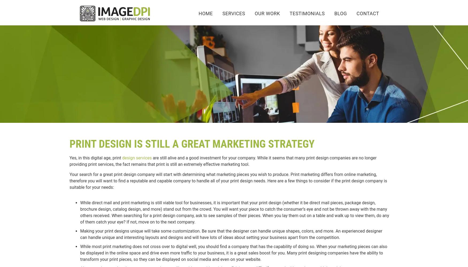 The image size is (468, 267). What do you see at coordinates (233, 253) in the screenshot?
I see `'While most print marketing does not cross over to digital well, you should find a company that has the capability of doing so. When your marketing pieces can also be displayed in the online space and drive even more traffic to your business, it is a great sales boost for you. Many print designing companies have the ability to transform your print pieces, so they can be displayed on social media and even on your website.'` at bounding box center [233, 253].